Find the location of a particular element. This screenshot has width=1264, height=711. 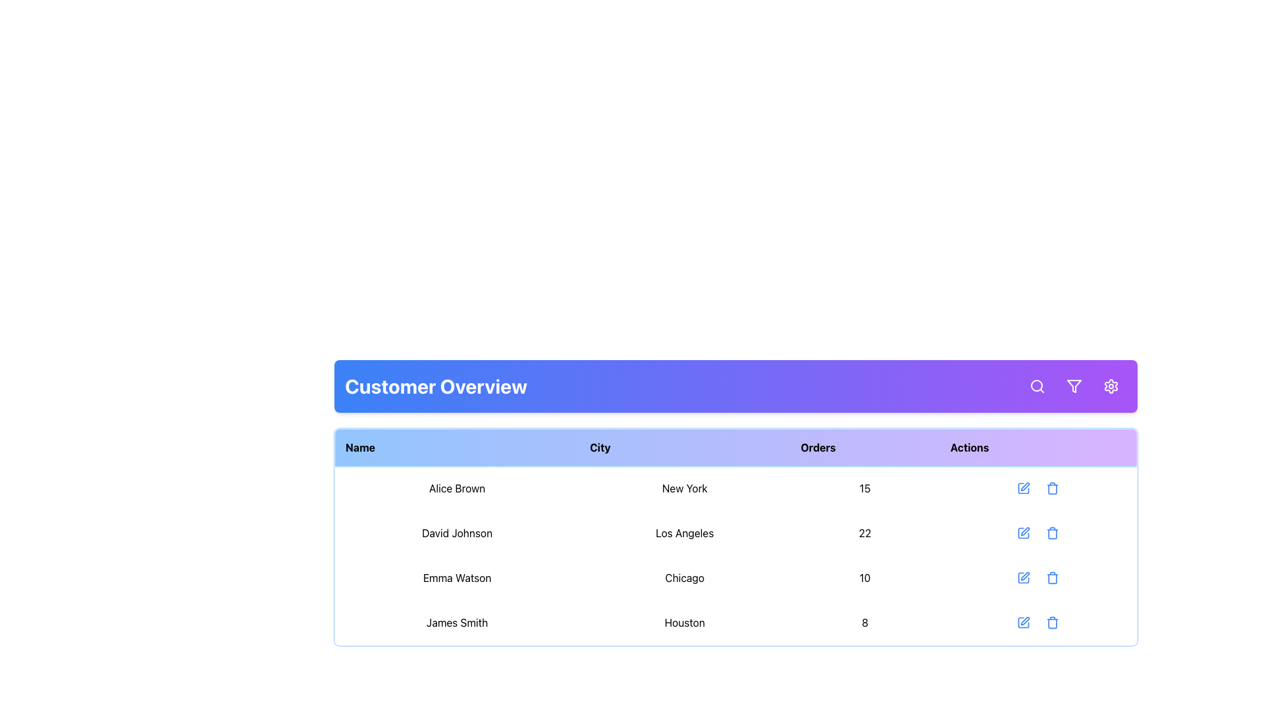

the circular blue button with a pencil icon located in the 'Actions' column of the last row to initiate editing the row data is located at coordinates (1023, 622).